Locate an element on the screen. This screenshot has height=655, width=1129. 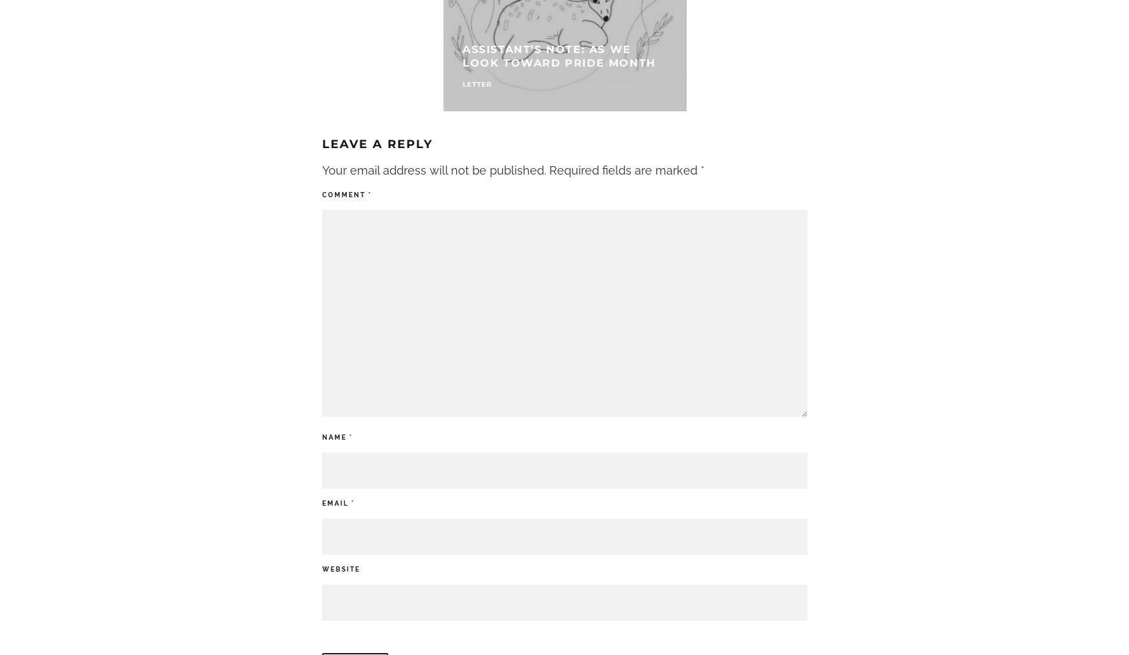
'ASSISTANT’S NOTE: AS WE LOOK TOWARD PRIDE MONTH' is located at coordinates (558, 55).